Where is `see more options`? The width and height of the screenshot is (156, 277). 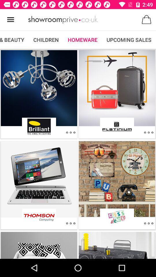
see more options is located at coordinates (70, 132).